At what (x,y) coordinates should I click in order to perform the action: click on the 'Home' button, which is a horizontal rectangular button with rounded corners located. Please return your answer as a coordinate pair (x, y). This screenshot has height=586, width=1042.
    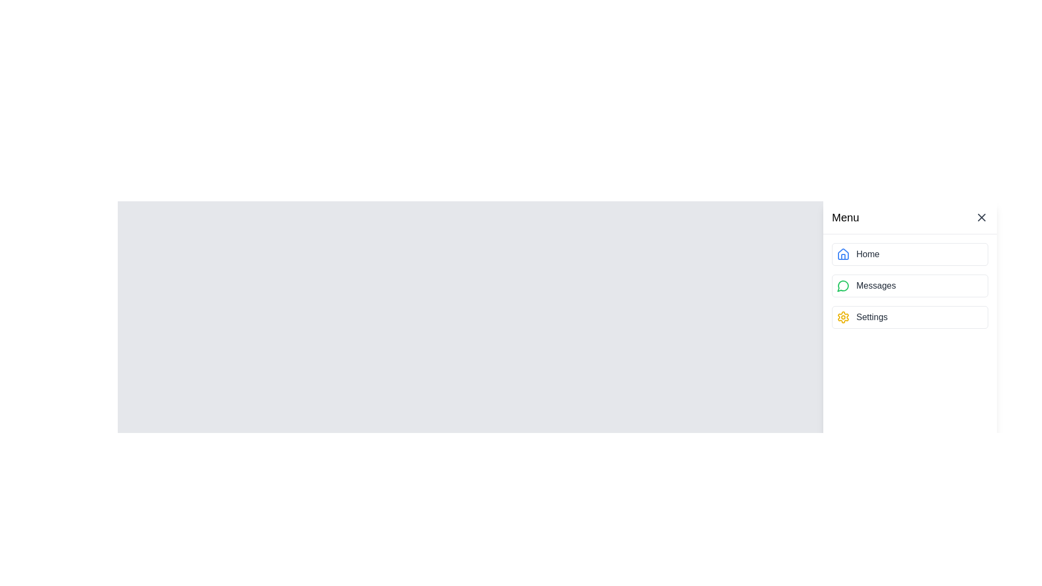
    Looking at the image, I should click on (910, 254).